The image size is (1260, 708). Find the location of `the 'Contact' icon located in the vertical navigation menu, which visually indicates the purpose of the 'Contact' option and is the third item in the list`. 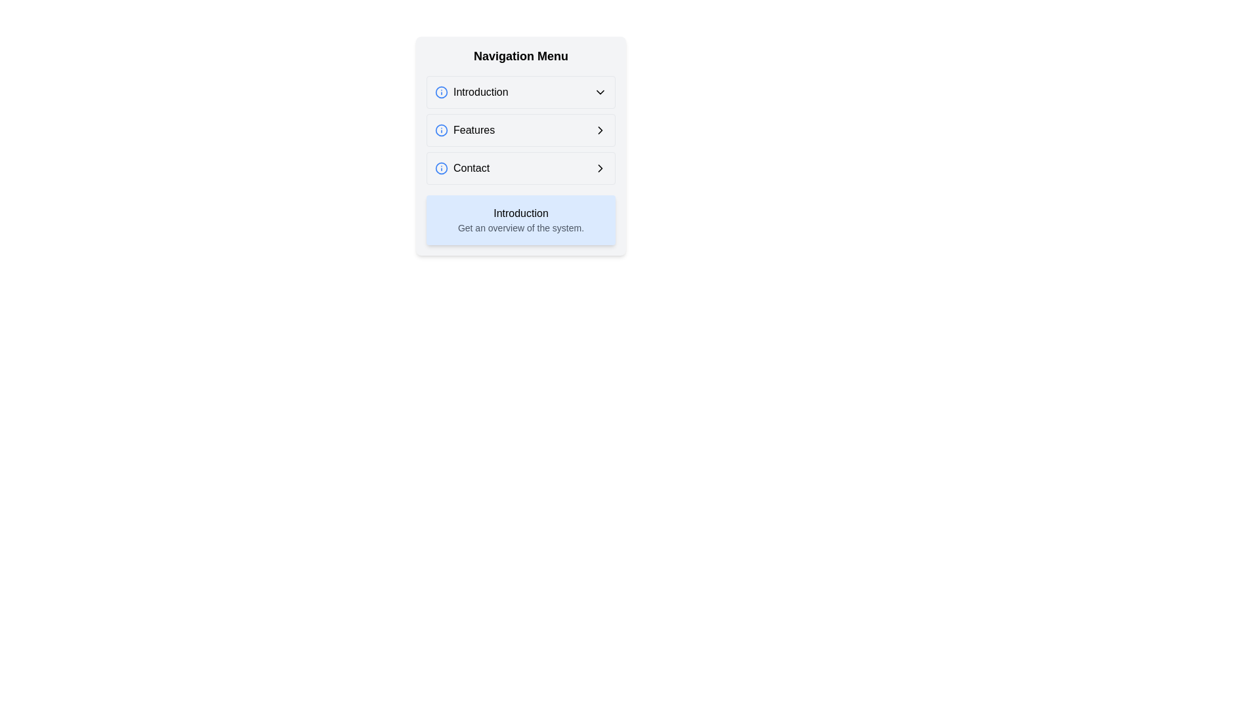

the 'Contact' icon located in the vertical navigation menu, which visually indicates the purpose of the 'Contact' option and is the third item in the list is located at coordinates (441, 168).